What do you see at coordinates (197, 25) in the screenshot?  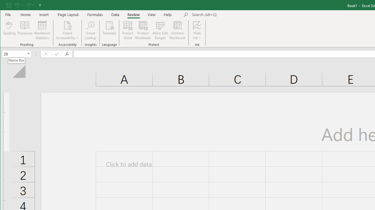 I see `'Hide Ink'` at bounding box center [197, 25].